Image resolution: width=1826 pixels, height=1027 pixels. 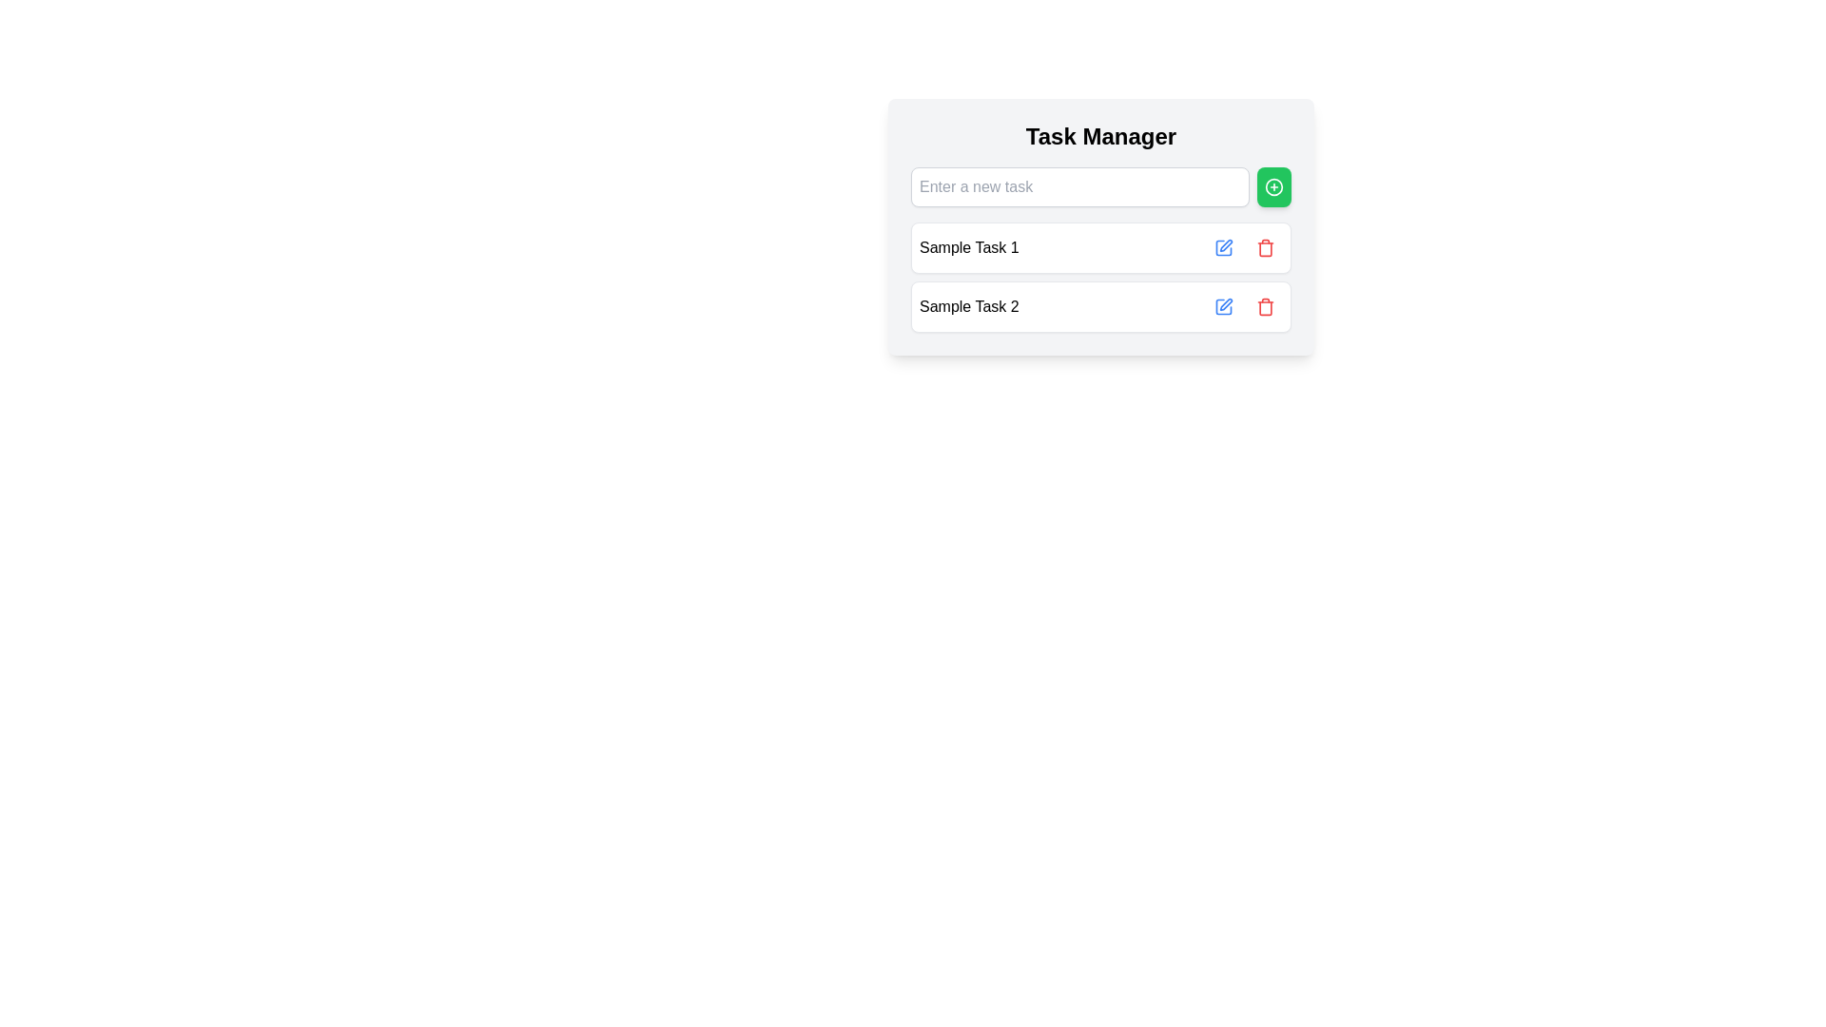 What do you see at coordinates (1273, 186) in the screenshot?
I see `the 'Add Task' button located to the right of the 'Enter a new task' input field` at bounding box center [1273, 186].